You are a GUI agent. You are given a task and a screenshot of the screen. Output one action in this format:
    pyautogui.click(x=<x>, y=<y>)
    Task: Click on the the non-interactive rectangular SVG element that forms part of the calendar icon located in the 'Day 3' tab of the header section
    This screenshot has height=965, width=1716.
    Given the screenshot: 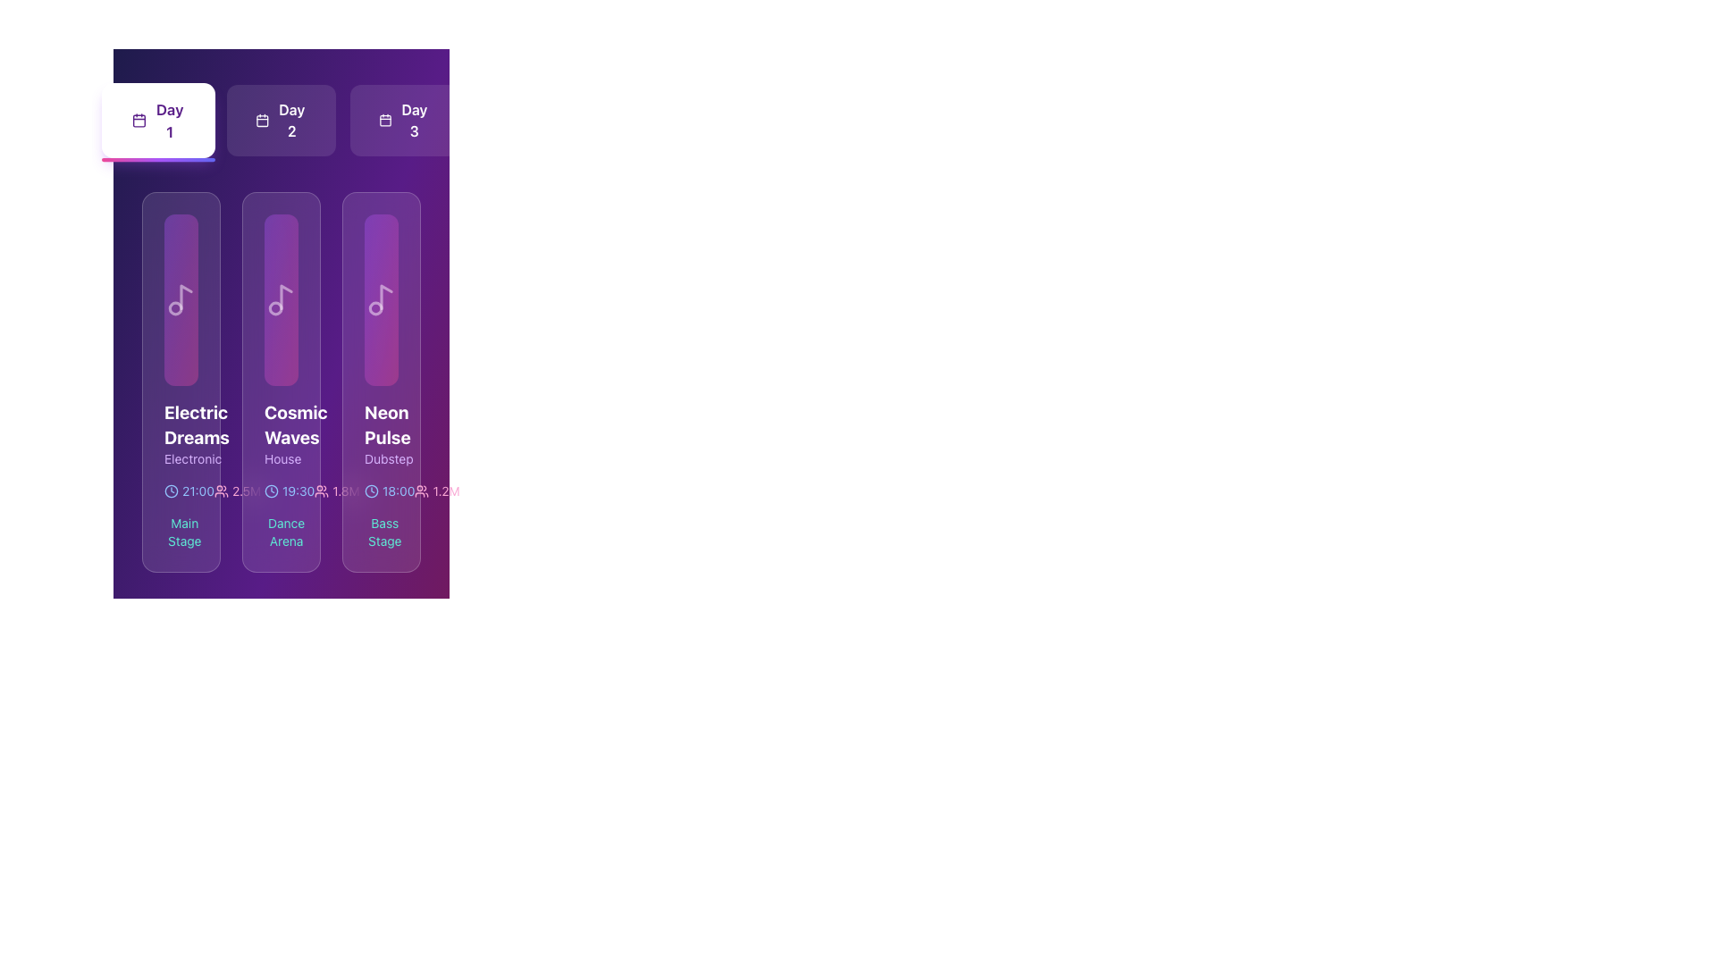 What is the action you would take?
    pyautogui.click(x=384, y=121)
    